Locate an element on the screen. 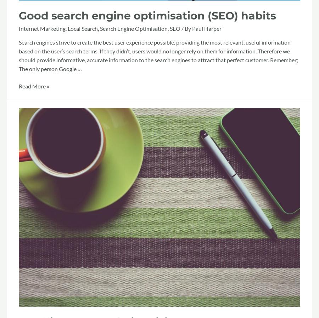 The height and width of the screenshot is (318, 319). 'Good search engine optimisation (SEO) habits' is located at coordinates (18, 15).